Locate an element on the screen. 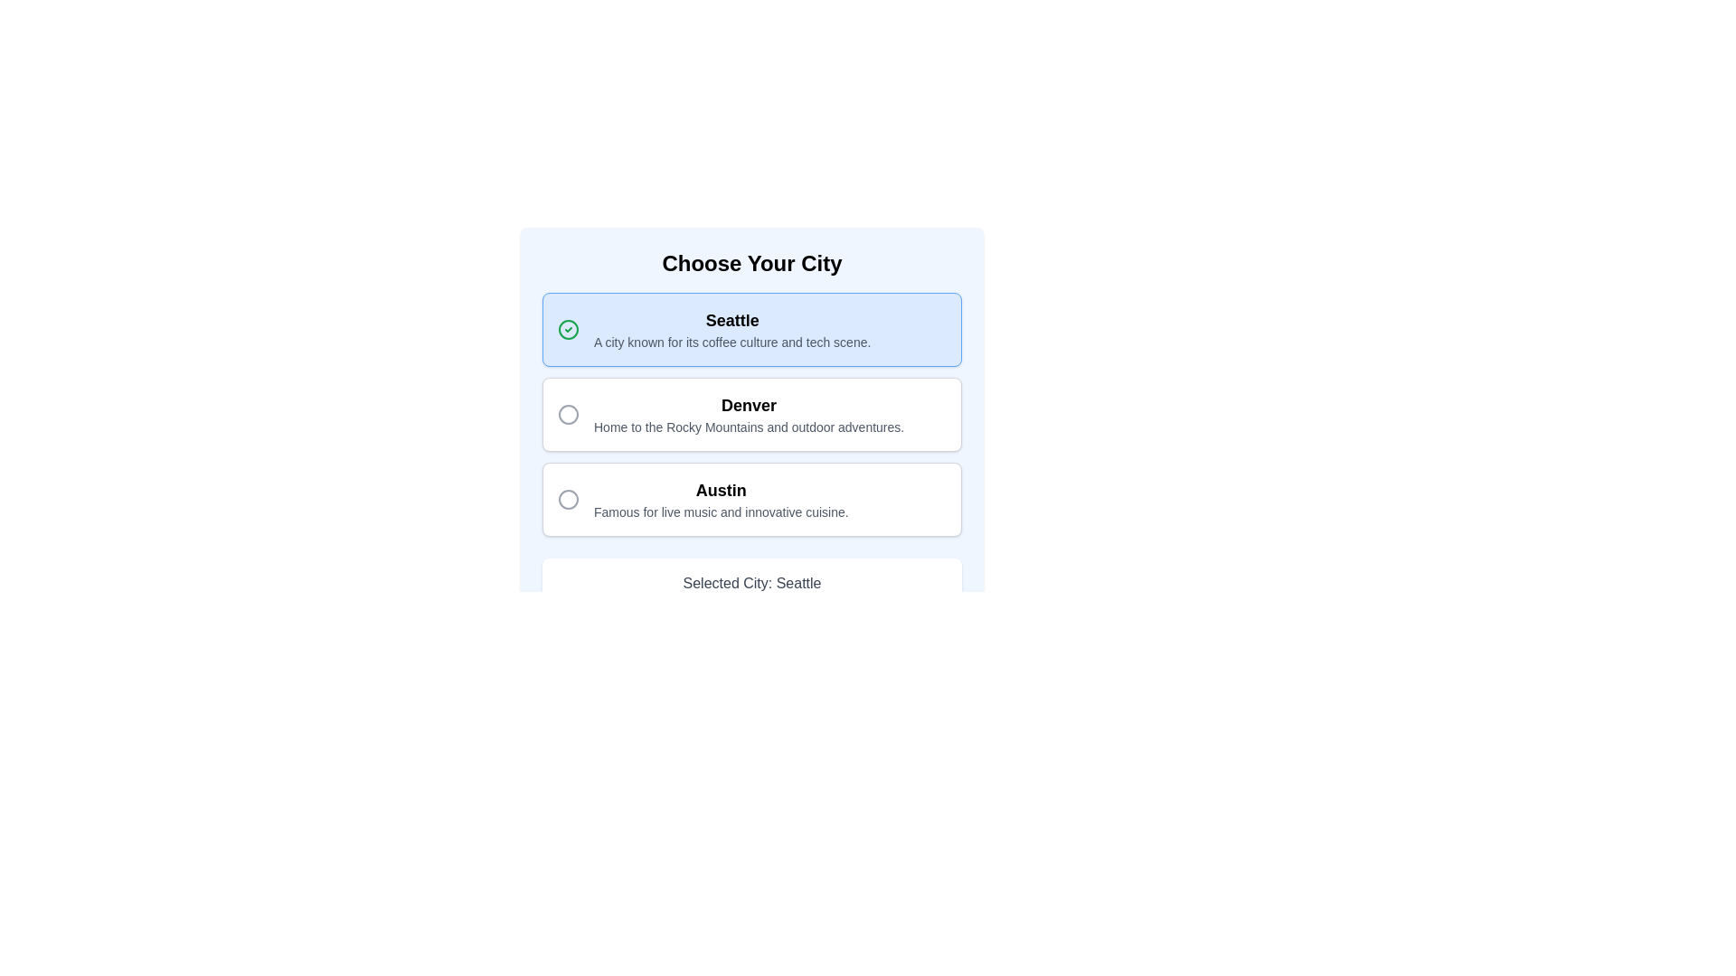  the text label for 'Seattle', which consists of a bold title and a descriptive text in a vertical list of city options is located at coordinates (732, 330).